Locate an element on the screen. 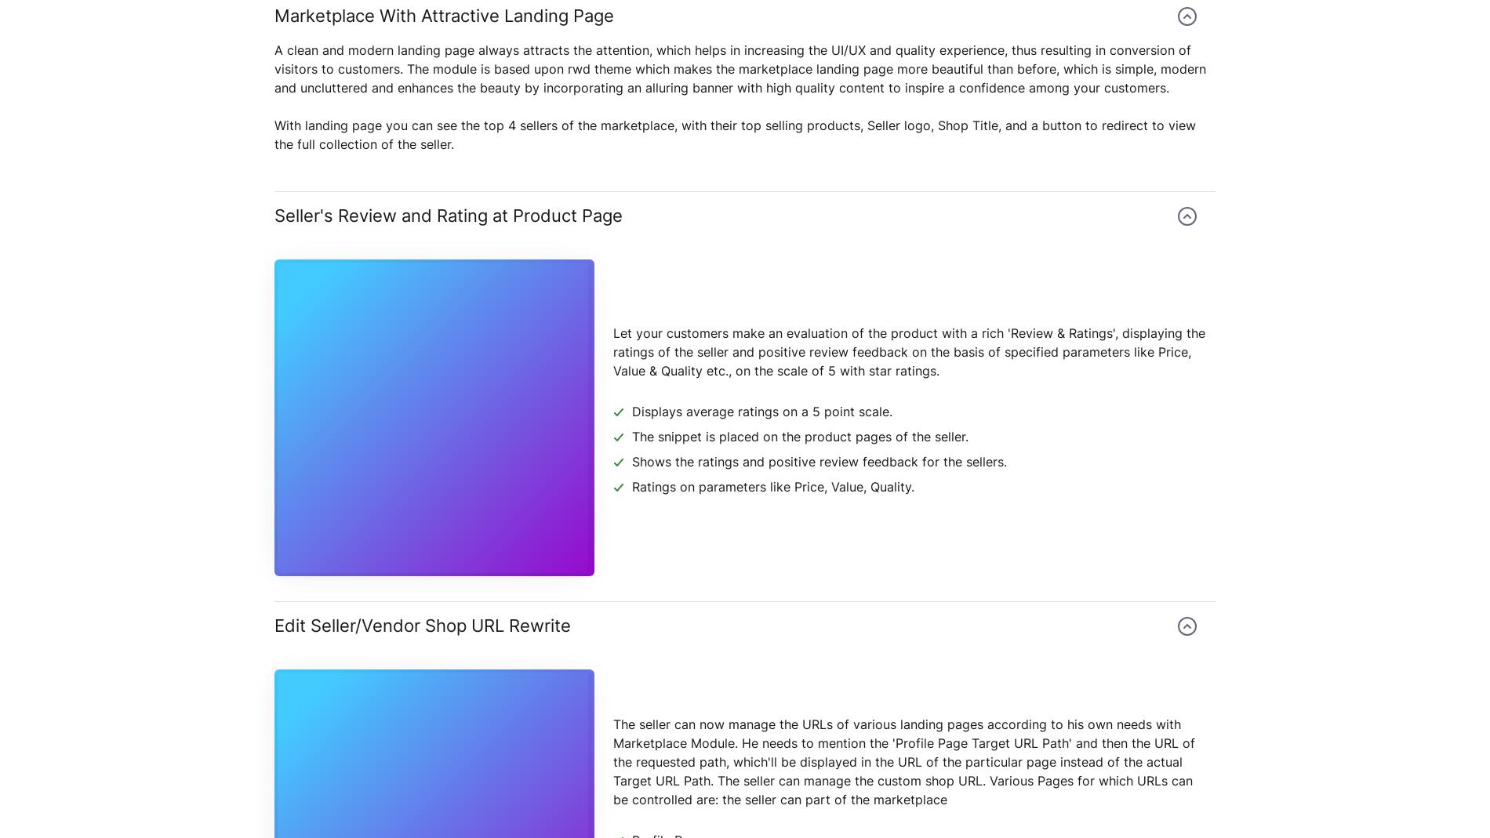 Image resolution: width=1490 pixels, height=838 pixels. 'Ratings on parameters like Price, Value, Quality.' is located at coordinates (772, 486).